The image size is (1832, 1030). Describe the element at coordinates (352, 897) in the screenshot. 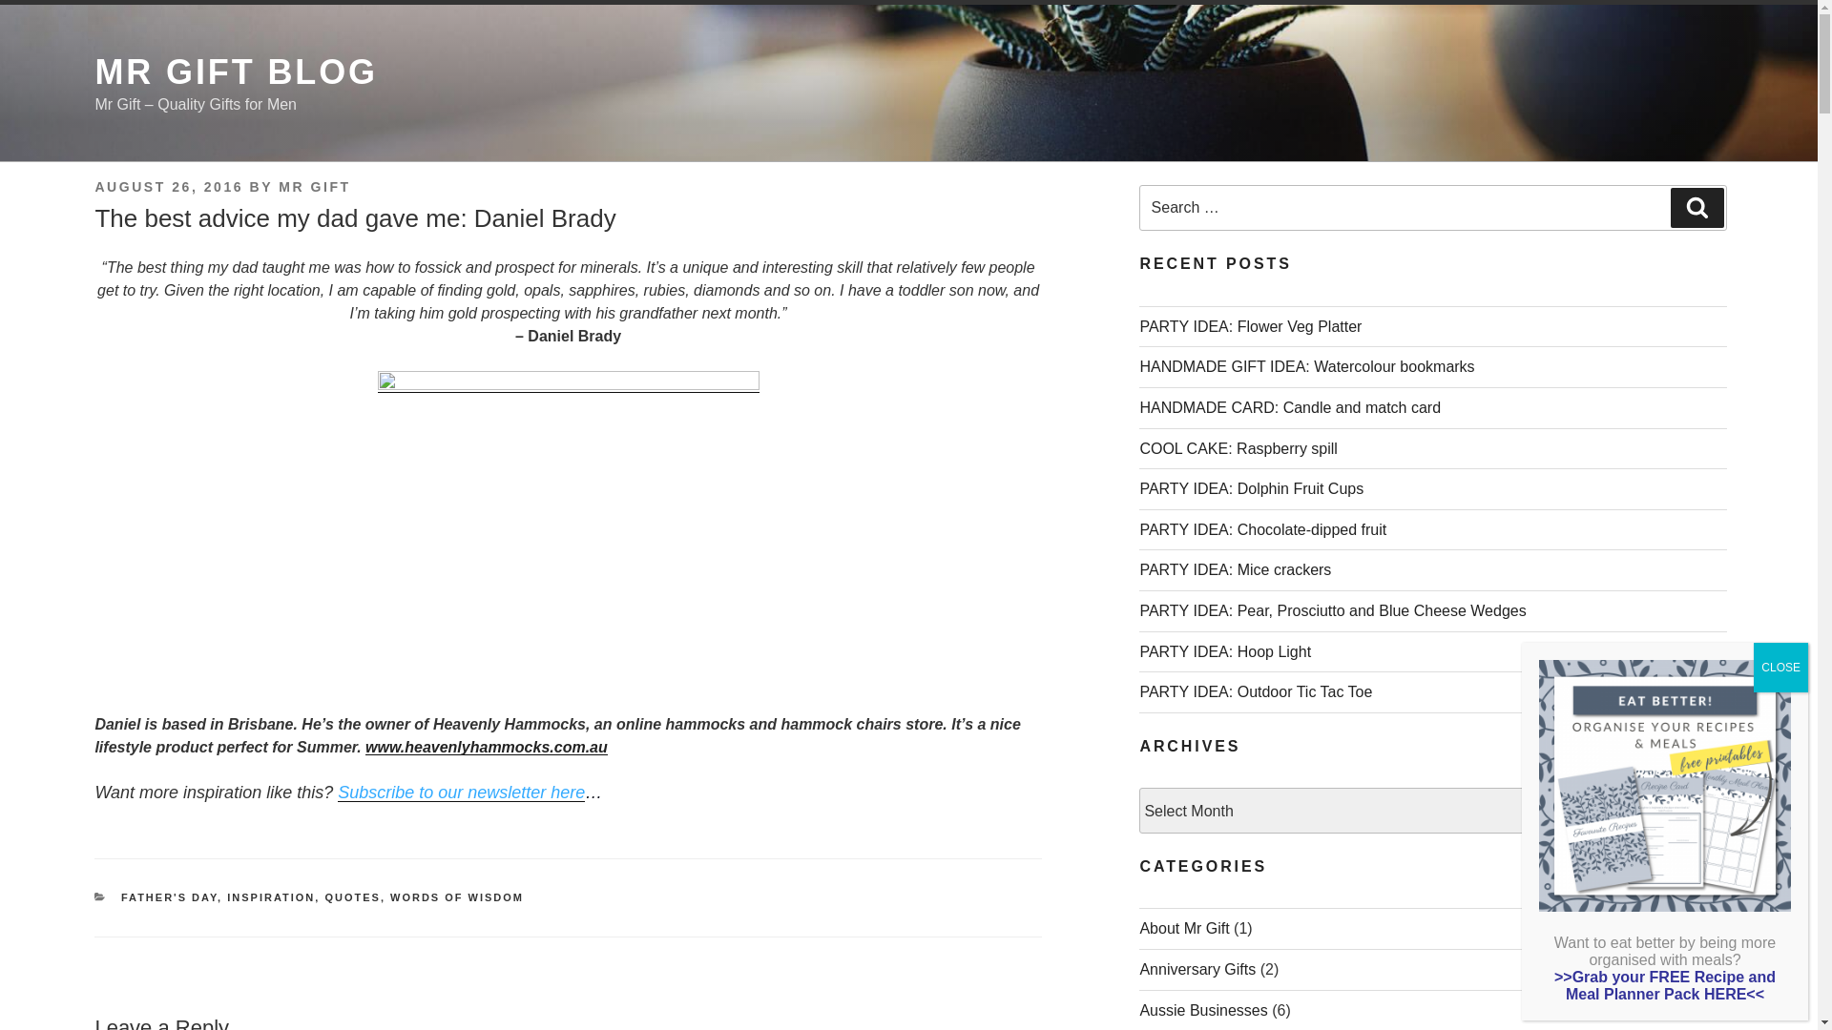

I see `'QUOTES'` at that location.